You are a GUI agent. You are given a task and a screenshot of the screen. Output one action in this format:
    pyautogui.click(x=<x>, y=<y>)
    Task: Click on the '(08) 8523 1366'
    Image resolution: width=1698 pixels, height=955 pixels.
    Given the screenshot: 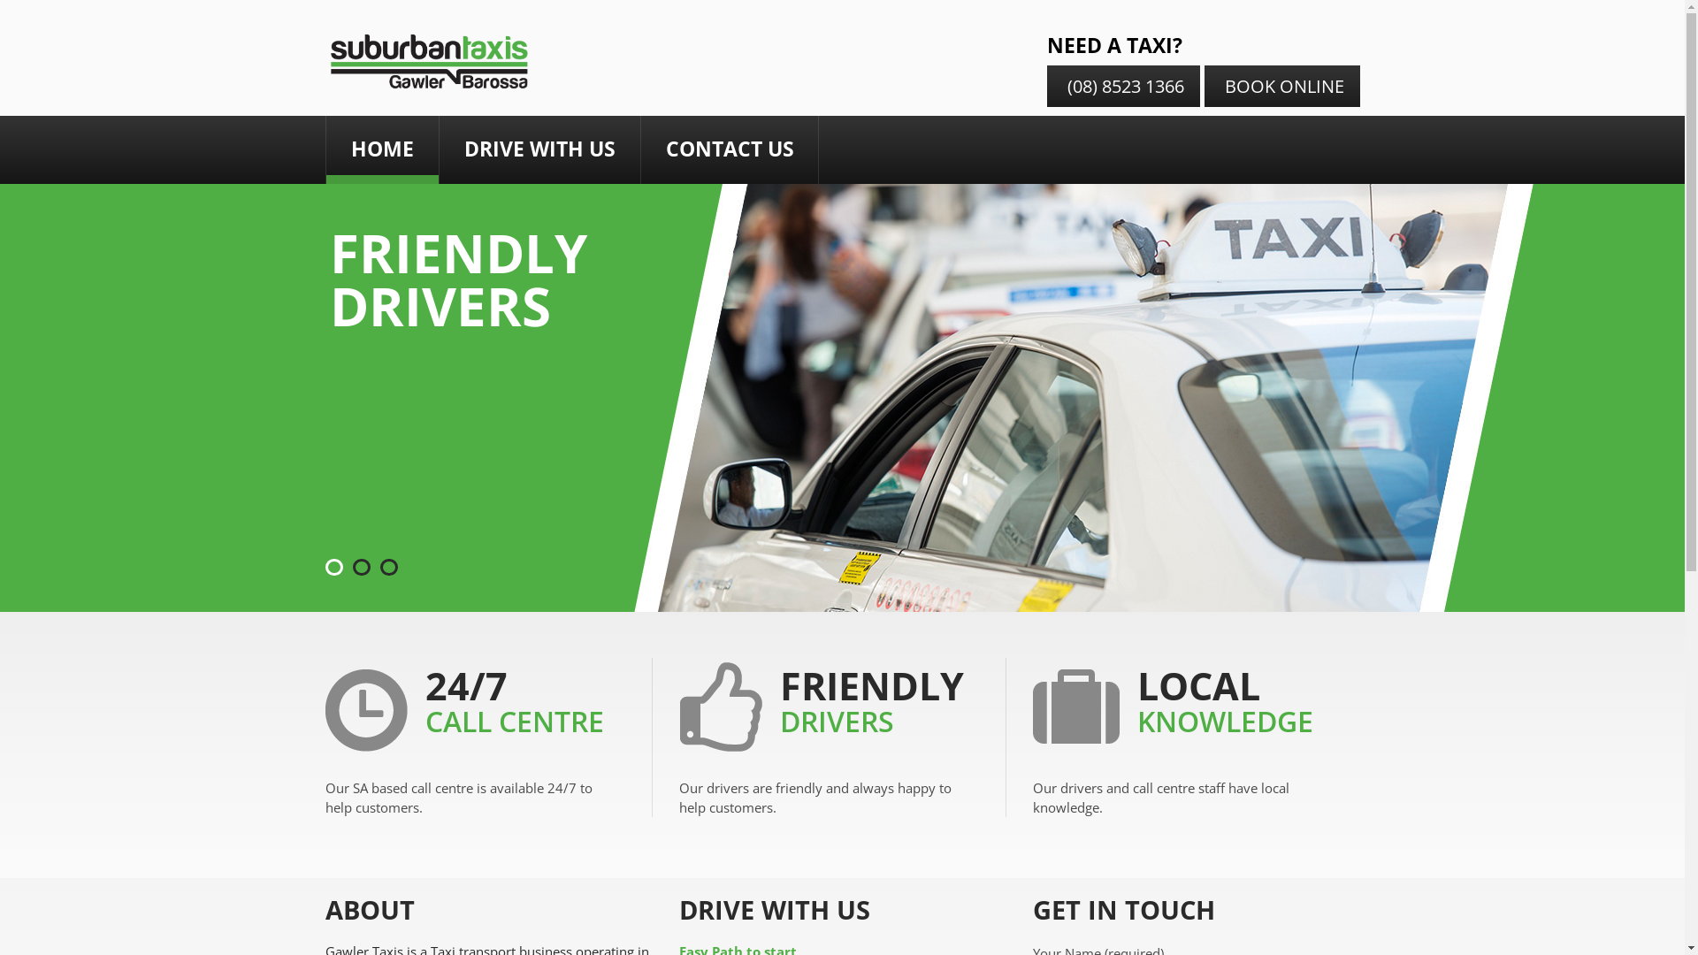 What is the action you would take?
    pyautogui.click(x=1122, y=86)
    